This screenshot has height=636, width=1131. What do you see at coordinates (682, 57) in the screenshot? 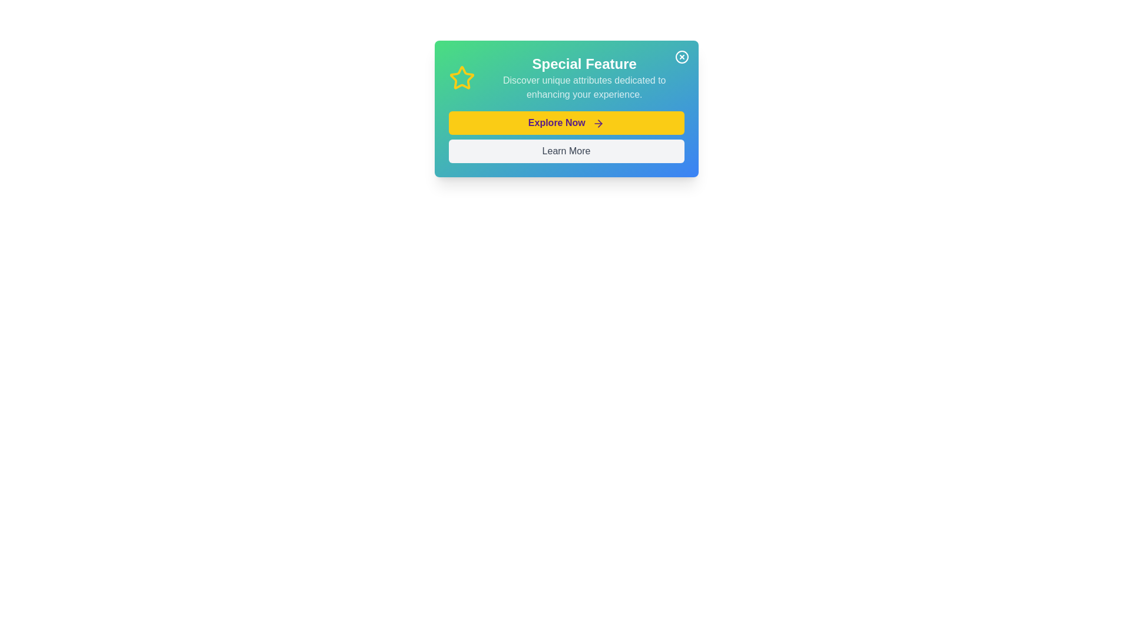
I see `the circular Iconic element located in the top-right corner of the card, which is styled with a thin border and is part of a close button or related icon` at bounding box center [682, 57].